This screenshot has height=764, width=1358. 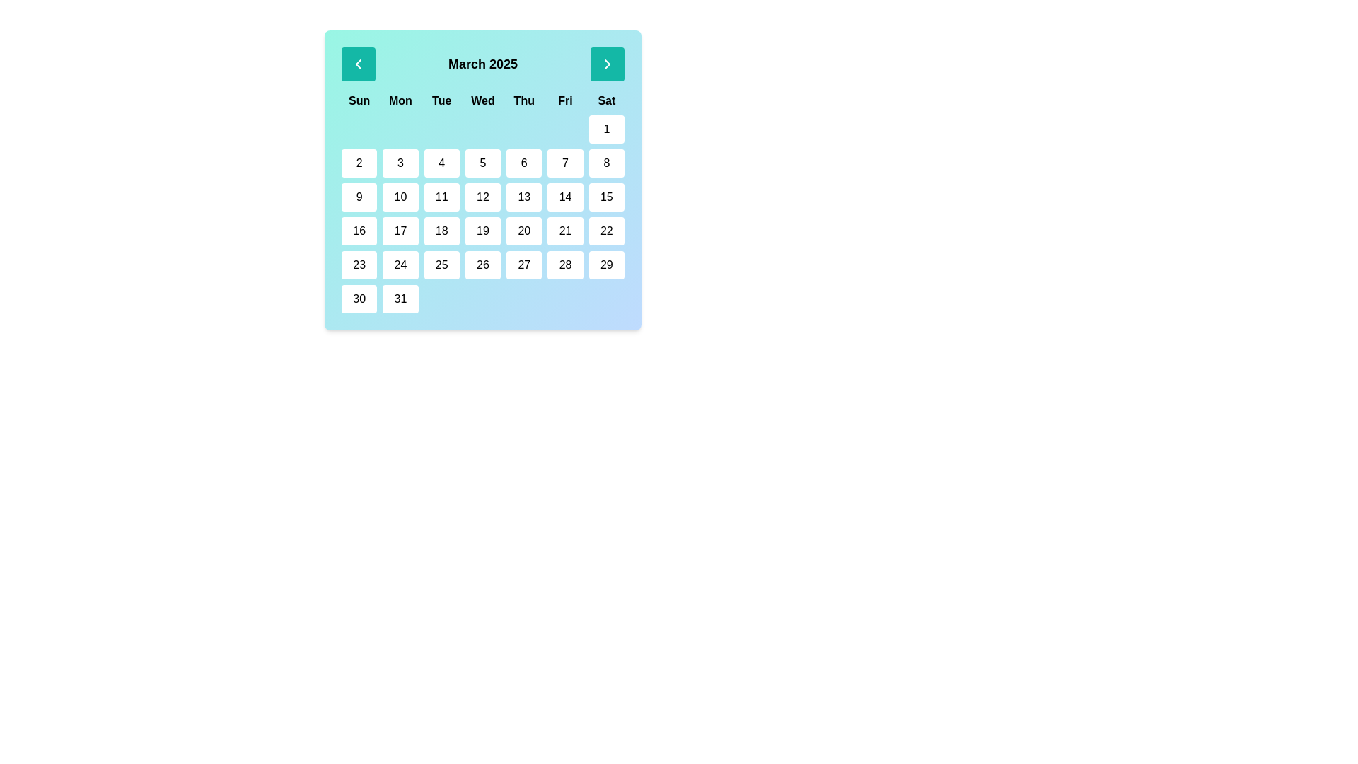 What do you see at coordinates (482, 163) in the screenshot?
I see `the white, rounded rectangular button displaying the number '5' in the calendar grid under the 'Wed' column` at bounding box center [482, 163].